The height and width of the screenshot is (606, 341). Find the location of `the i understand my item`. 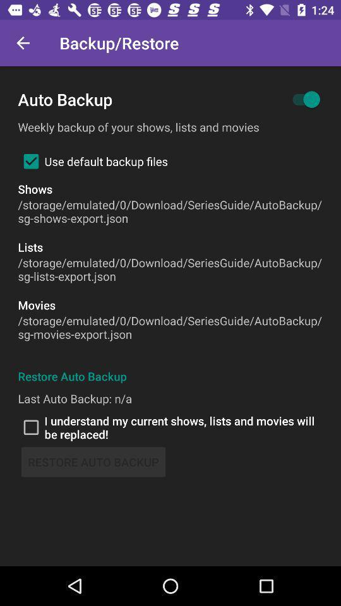

the i understand my item is located at coordinates (170, 427).